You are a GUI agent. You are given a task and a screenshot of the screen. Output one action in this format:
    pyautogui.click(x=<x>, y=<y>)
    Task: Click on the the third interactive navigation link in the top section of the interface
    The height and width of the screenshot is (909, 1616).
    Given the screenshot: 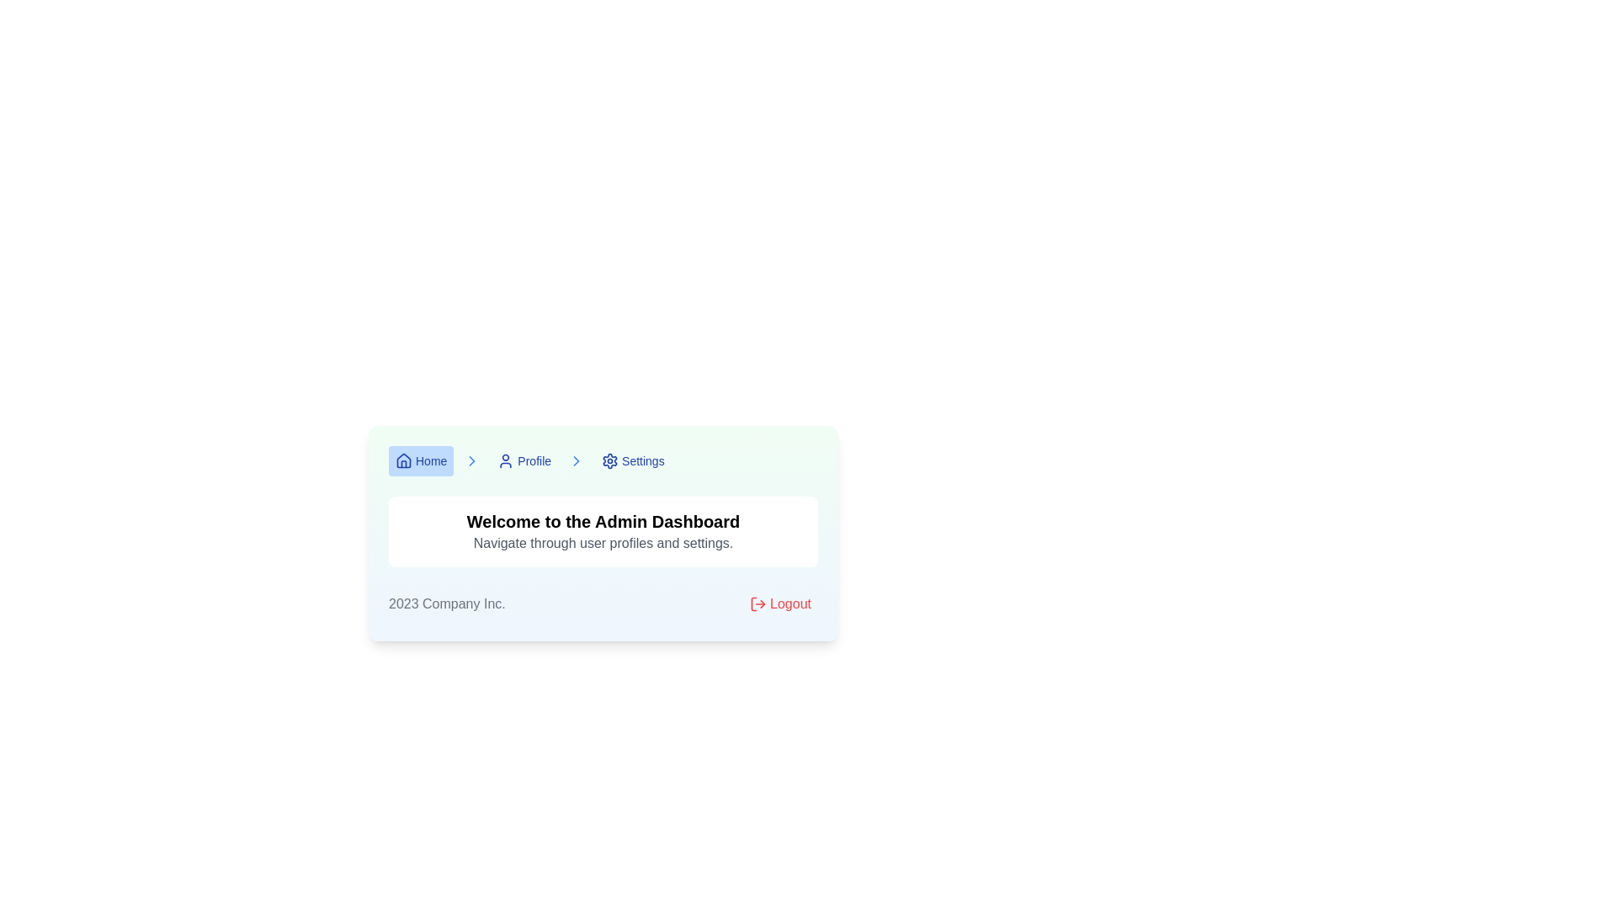 What is the action you would take?
    pyautogui.click(x=632, y=460)
    